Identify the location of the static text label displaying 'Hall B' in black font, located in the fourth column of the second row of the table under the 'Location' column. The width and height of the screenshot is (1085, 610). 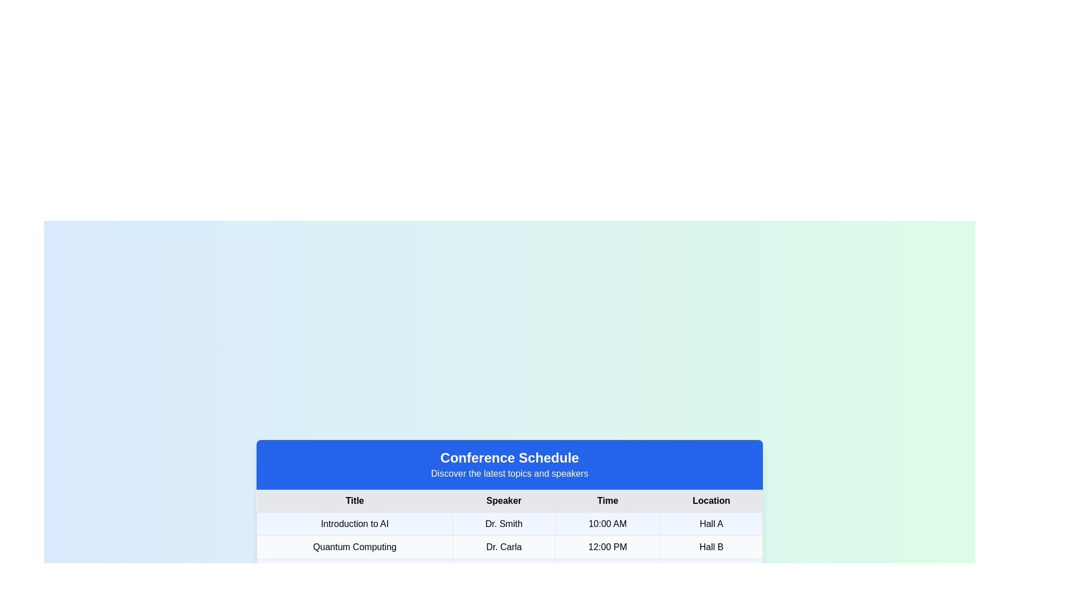
(710, 546).